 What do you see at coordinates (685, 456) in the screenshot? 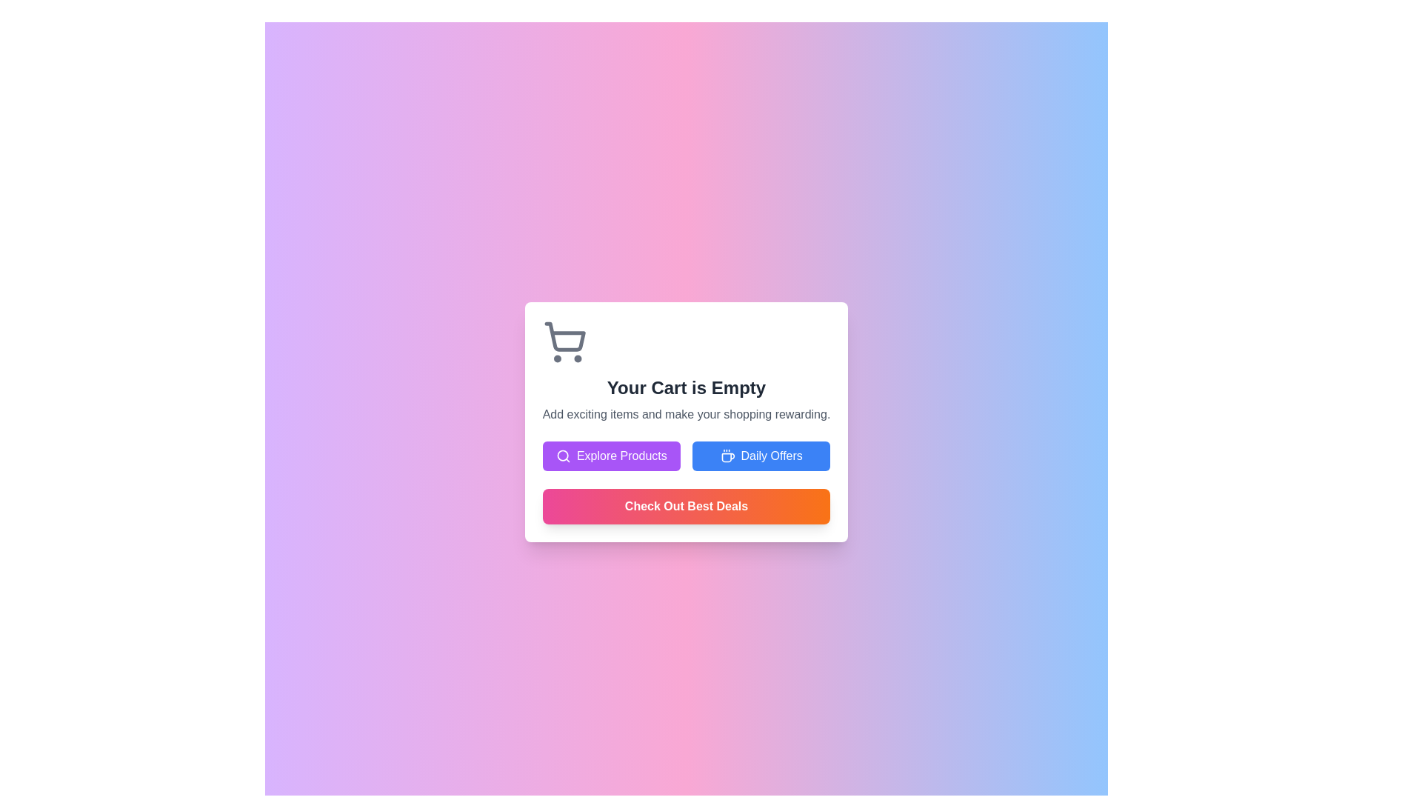
I see `the button group containing 'Explore Products' and 'Daily Offers'` at bounding box center [685, 456].